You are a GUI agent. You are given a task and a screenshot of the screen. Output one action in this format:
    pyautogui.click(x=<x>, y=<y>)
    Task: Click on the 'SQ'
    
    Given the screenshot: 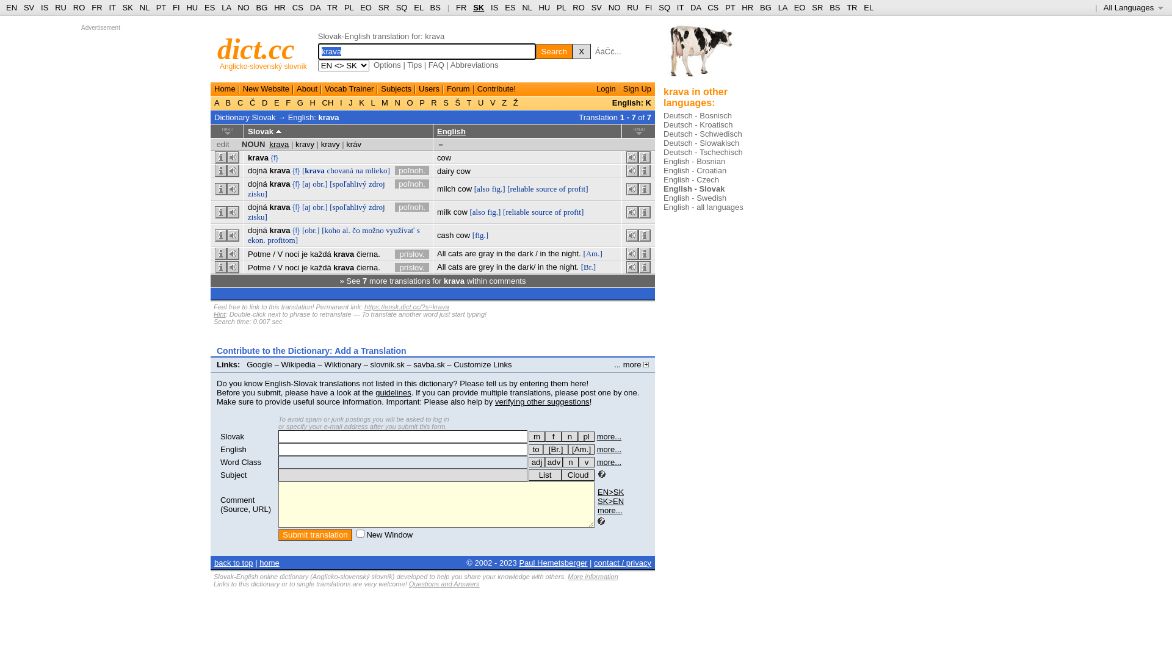 What is the action you would take?
    pyautogui.click(x=664, y=7)
    